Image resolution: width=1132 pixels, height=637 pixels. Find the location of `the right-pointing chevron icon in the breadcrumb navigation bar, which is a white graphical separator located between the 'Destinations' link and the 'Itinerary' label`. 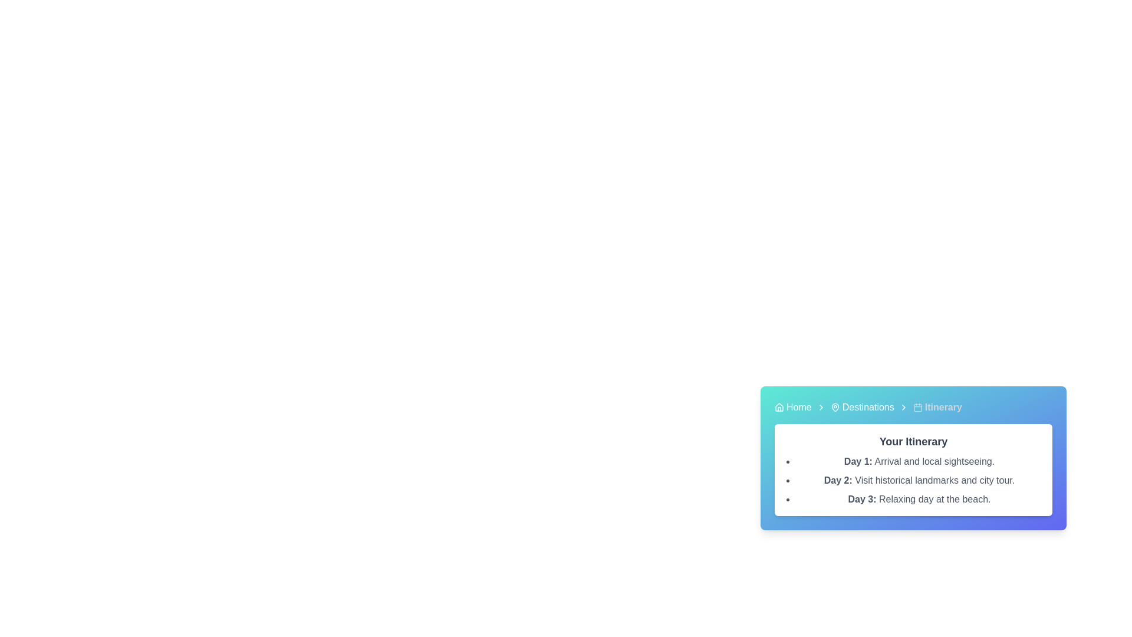

the right-pointing chevron icon in the breadcrumb navigation bar, which is a white graphical separator located between the 'Destinations' link and the 'Itinerary' label is located at coordinates (903, 406).